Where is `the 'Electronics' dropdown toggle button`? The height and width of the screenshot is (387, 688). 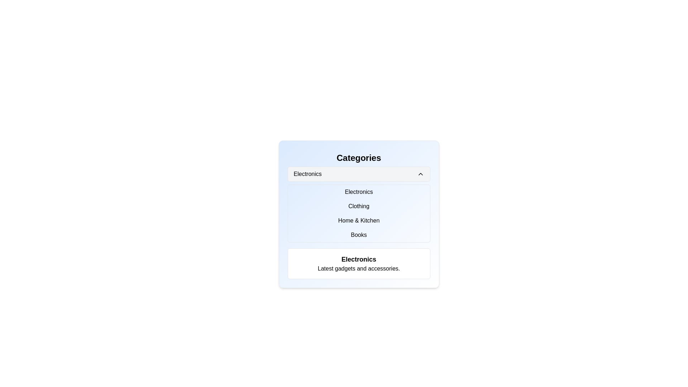 the 'Electronics' dropdown toggle button is located at coordinates (359, 174).